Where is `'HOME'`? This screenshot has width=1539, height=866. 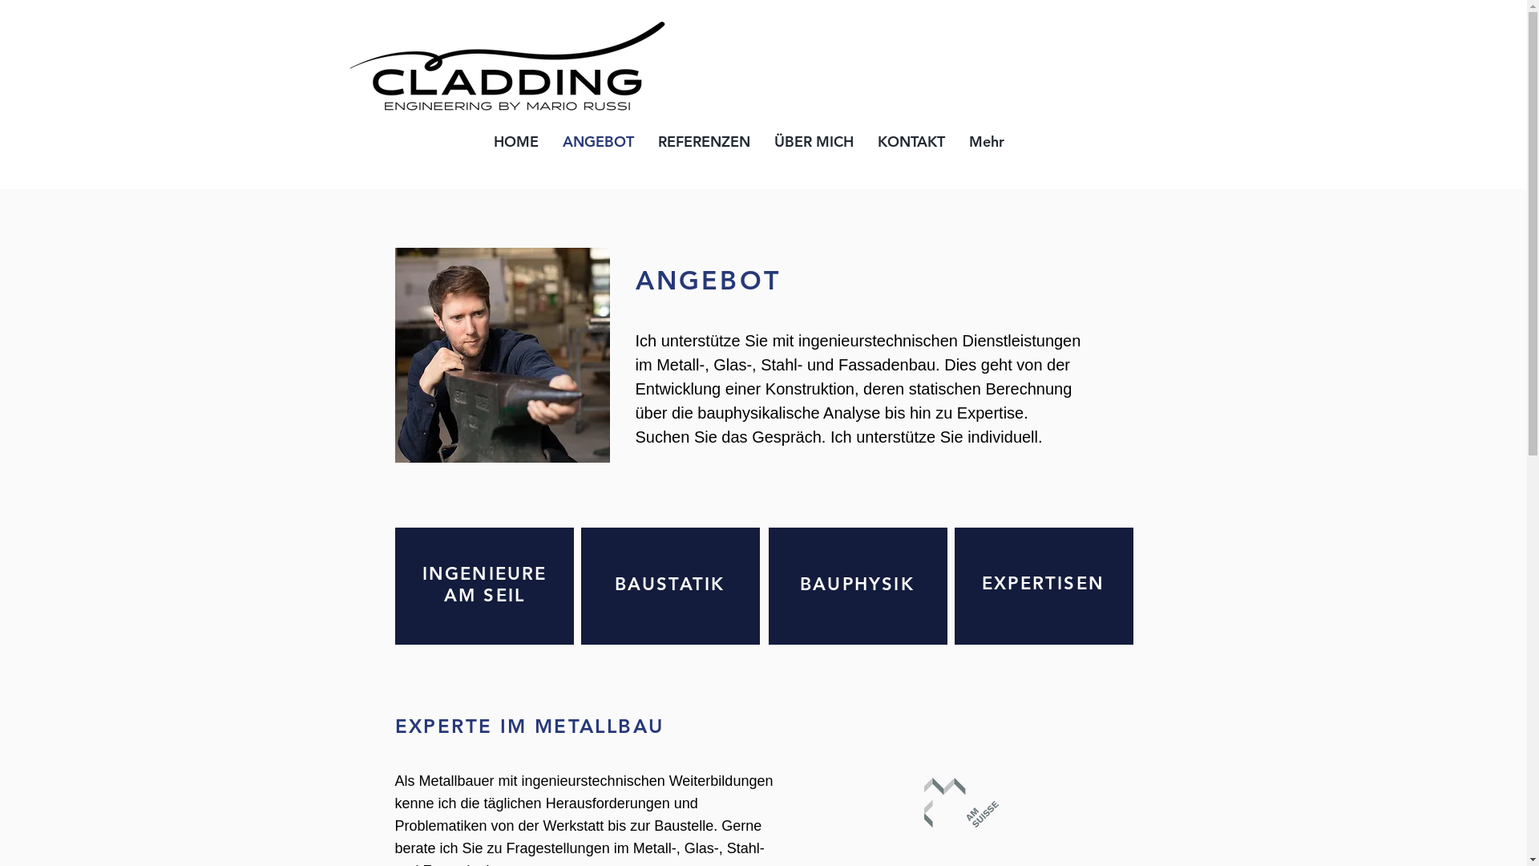
'HOME' is located at coordinates (515, 148).